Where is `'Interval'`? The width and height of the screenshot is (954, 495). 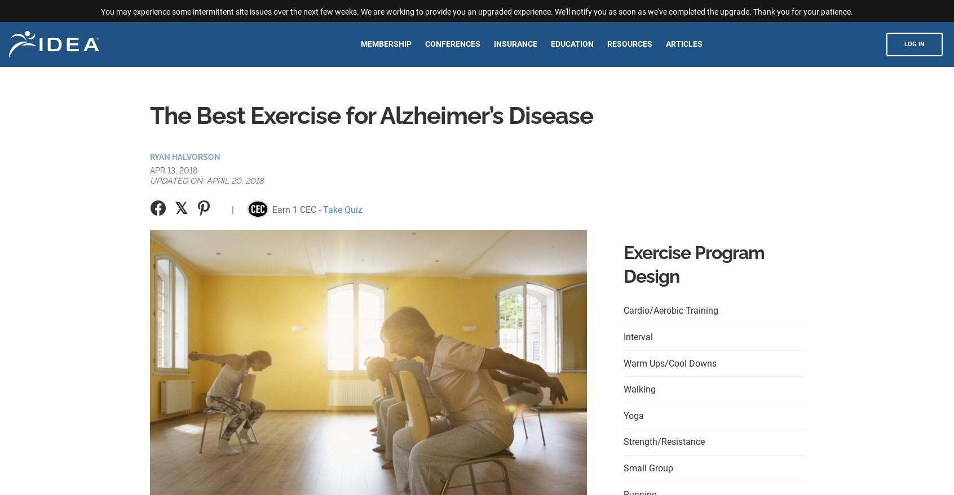
'Interval' is located at coordinates (637, 336).